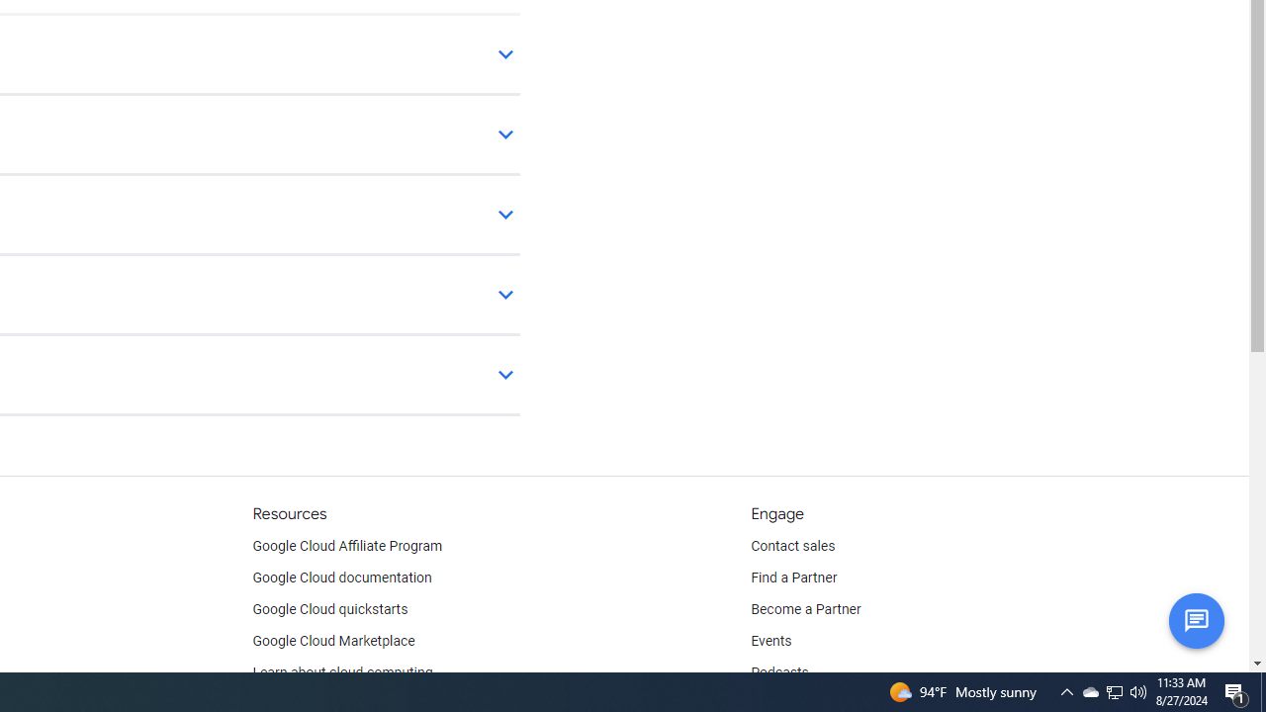  I want to click on 'Contact sales', so click(792, 546).